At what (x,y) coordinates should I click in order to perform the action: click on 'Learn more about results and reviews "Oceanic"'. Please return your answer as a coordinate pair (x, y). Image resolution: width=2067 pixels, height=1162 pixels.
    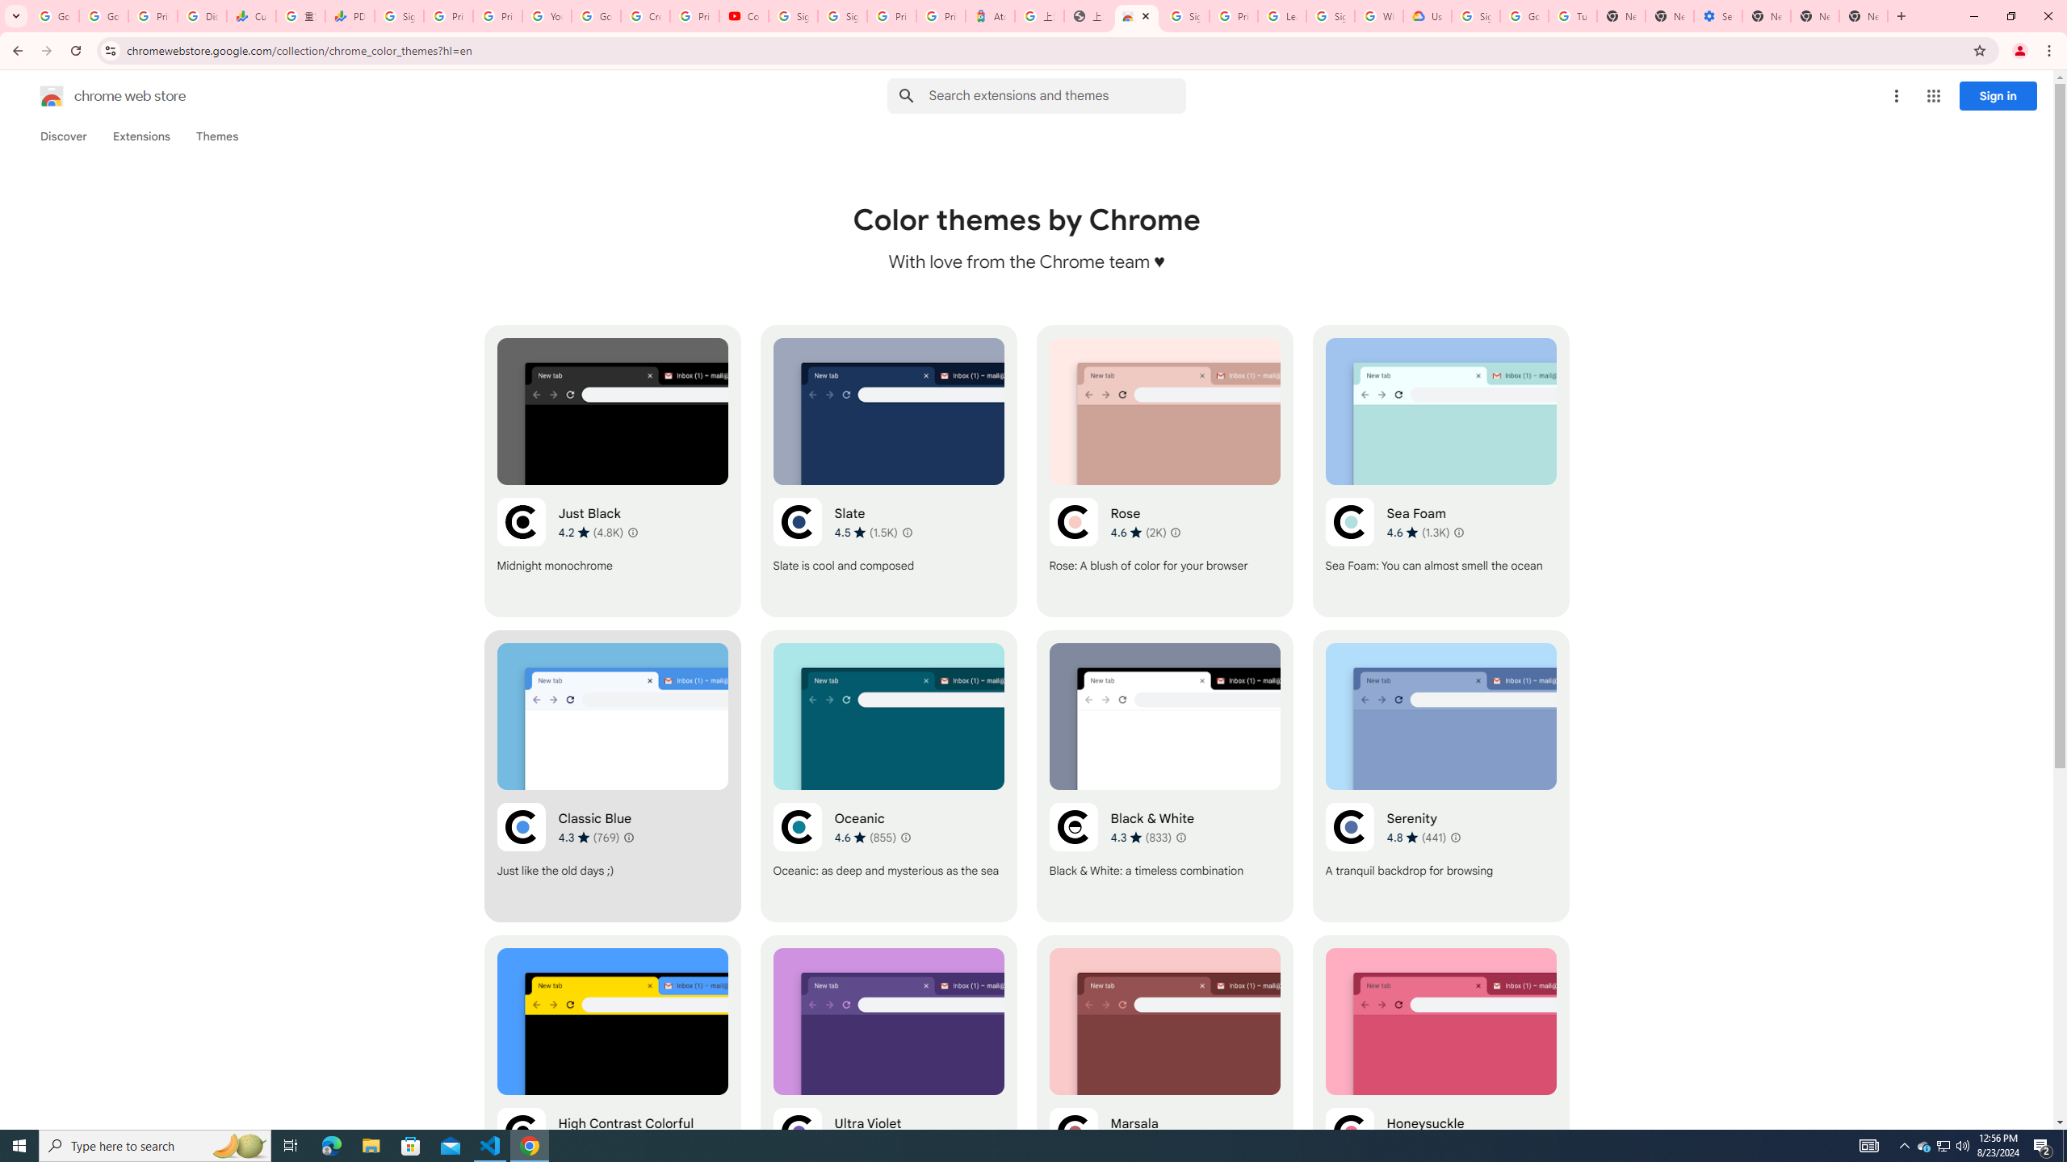
    Looking at the image, I should click on (905, 837).